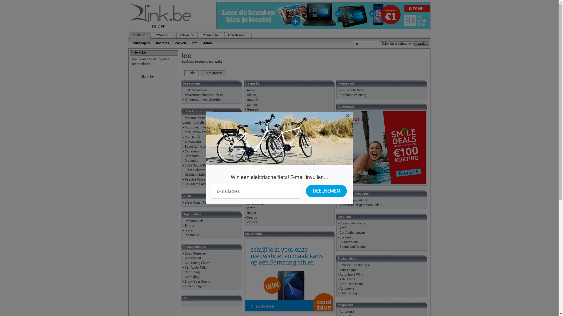  I want to click on 'Link toevoegen', so click(196, 90).